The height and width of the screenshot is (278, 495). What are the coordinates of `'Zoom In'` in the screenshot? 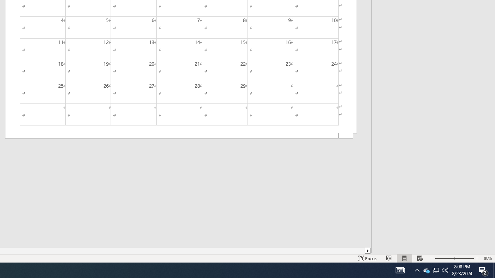 It's located at (463, 258).